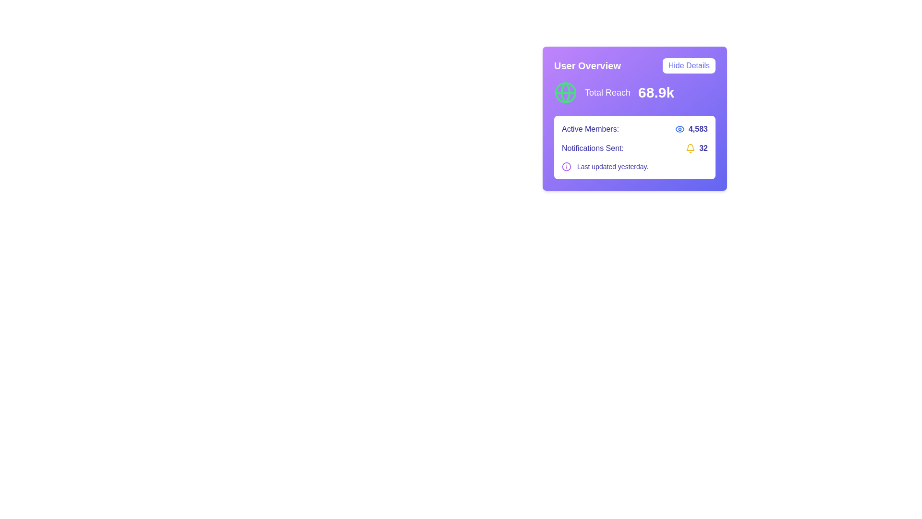  I want to click on the text displaying the count '4,583' next to the blue eye icon in the 'Active Members' section of the card layout, so click(691, 129).